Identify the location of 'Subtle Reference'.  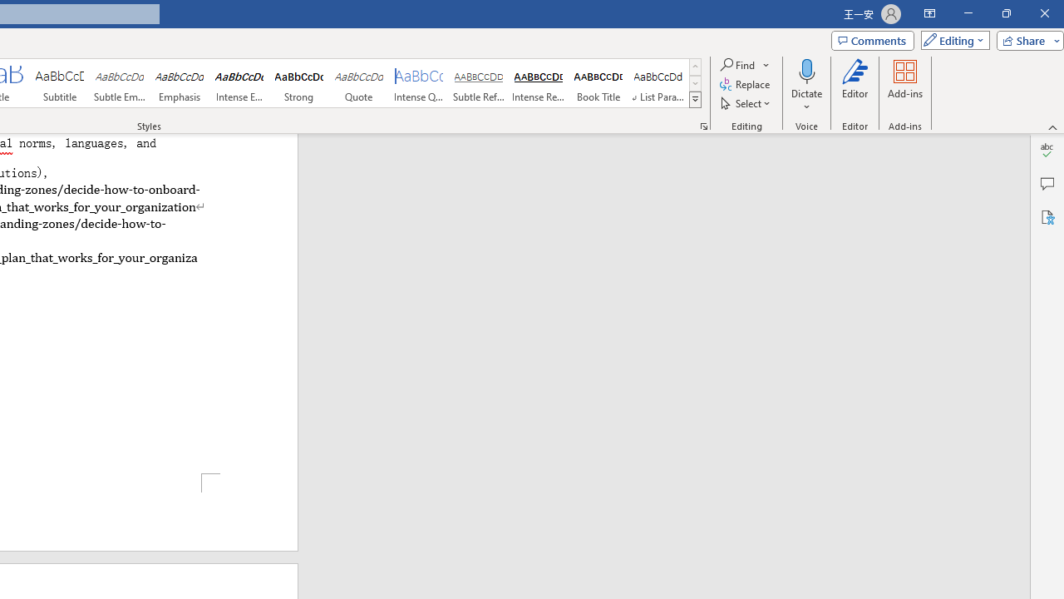
(478, 83).